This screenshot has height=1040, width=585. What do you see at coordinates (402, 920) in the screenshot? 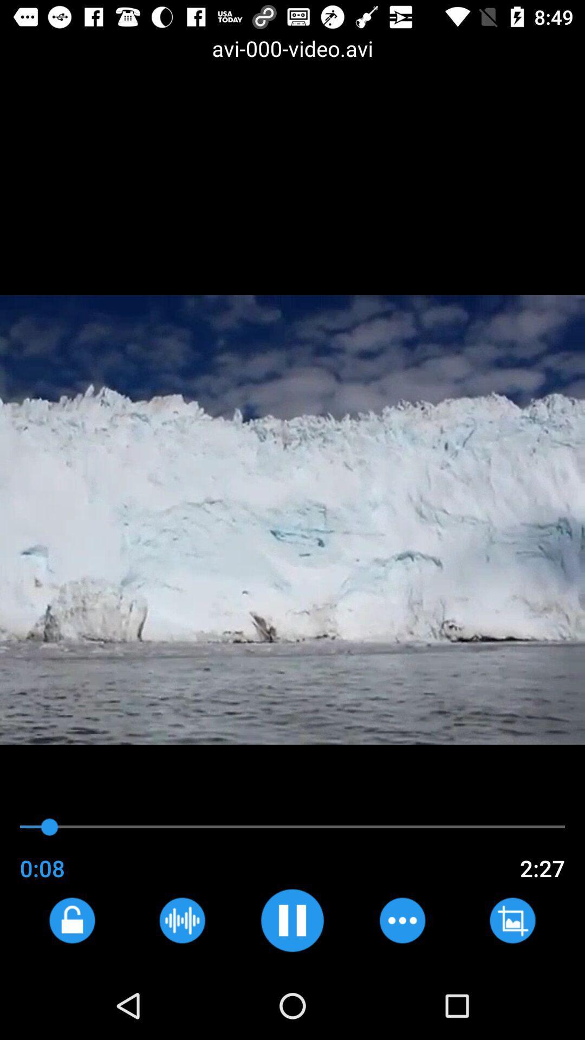
I see `more options` at bounding box center [402, 920].